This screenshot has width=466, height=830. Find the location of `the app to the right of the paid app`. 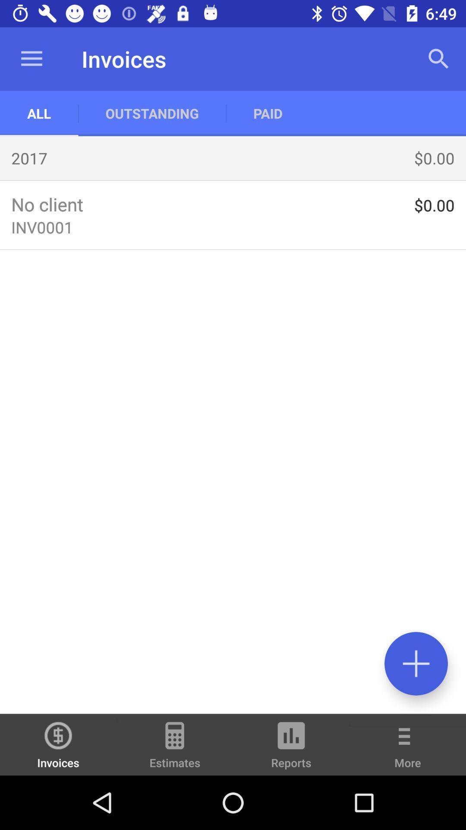

the app to the right of the paid app is located at coordinates (439, 58).